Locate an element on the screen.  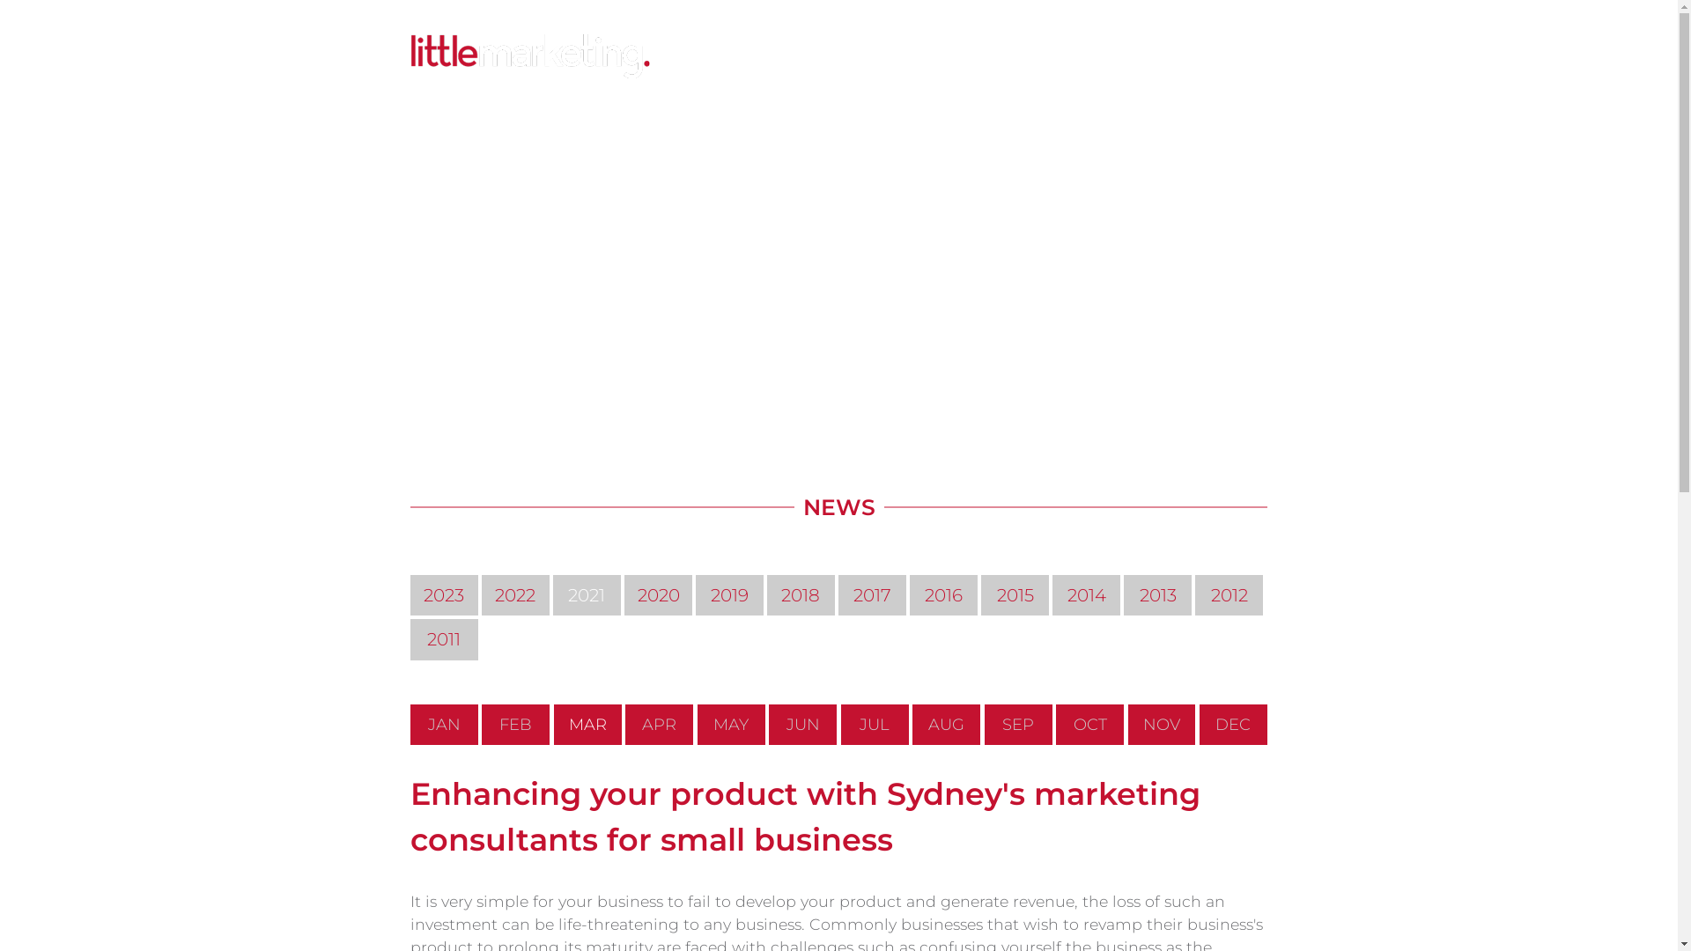
'2012' is located at coordinates (1195, 594).